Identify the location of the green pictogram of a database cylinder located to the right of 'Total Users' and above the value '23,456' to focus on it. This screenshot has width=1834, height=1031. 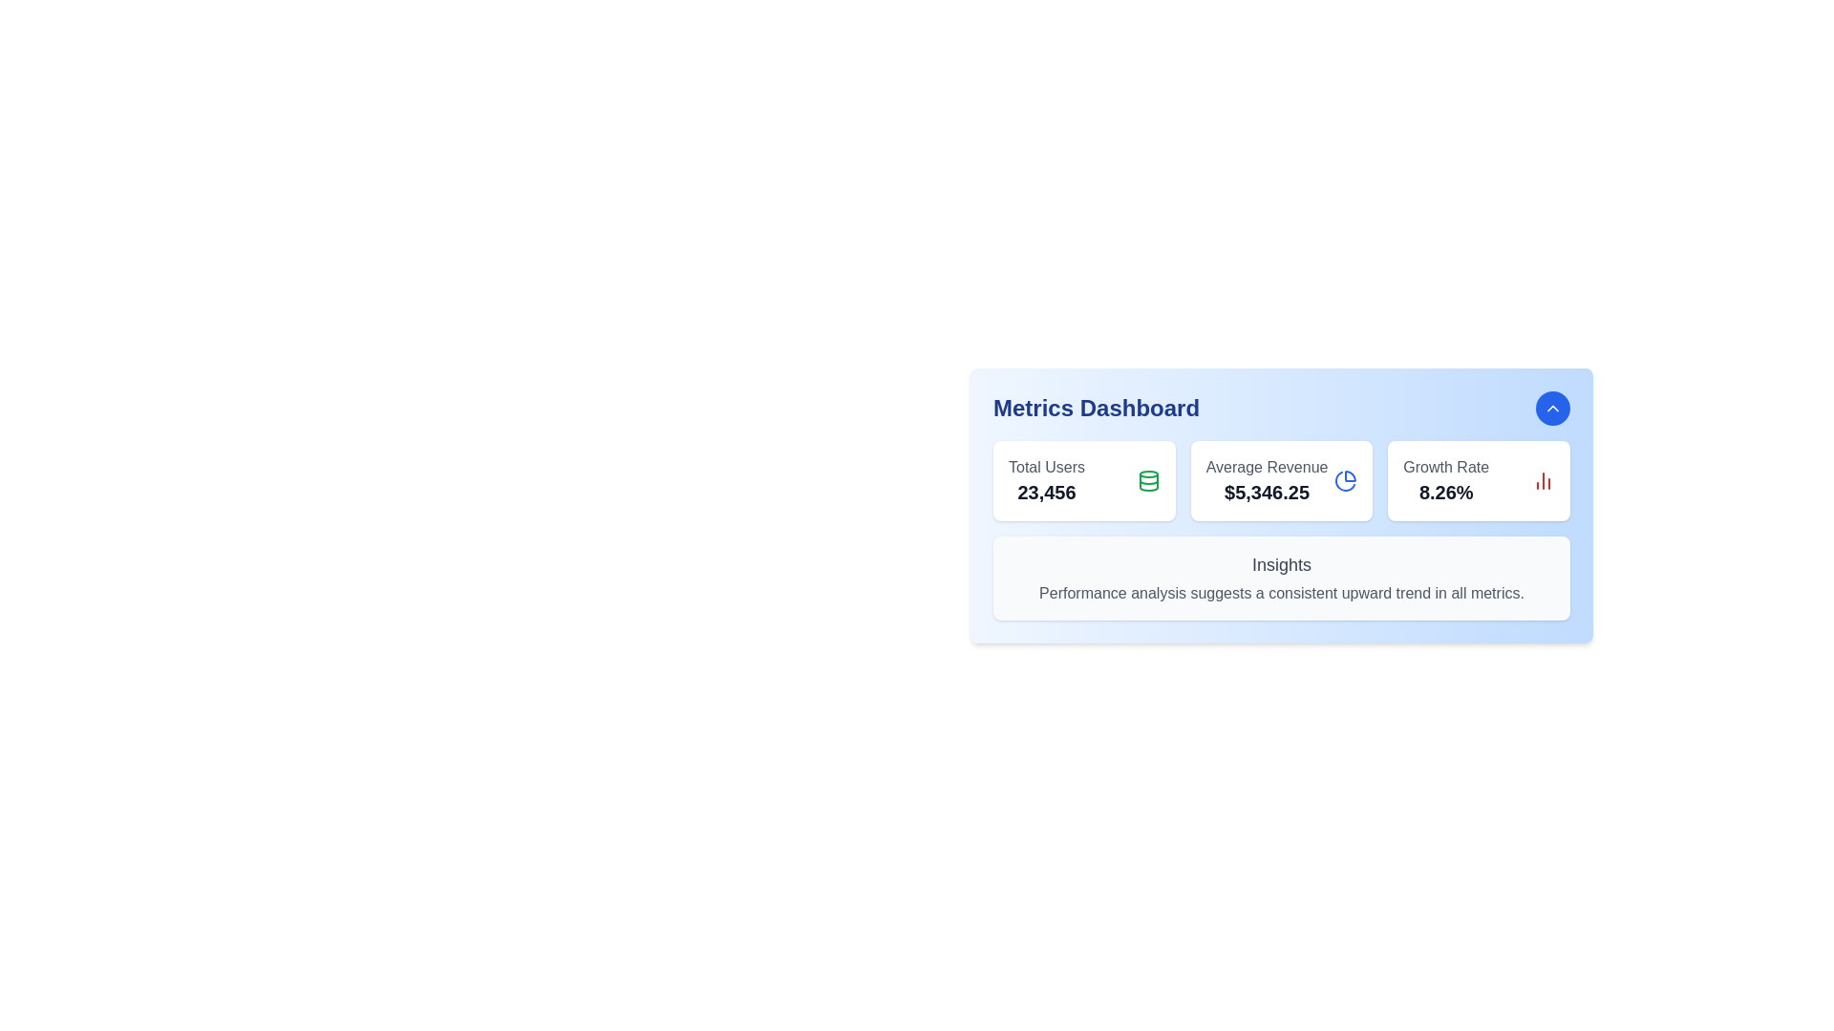
(1147, 480).